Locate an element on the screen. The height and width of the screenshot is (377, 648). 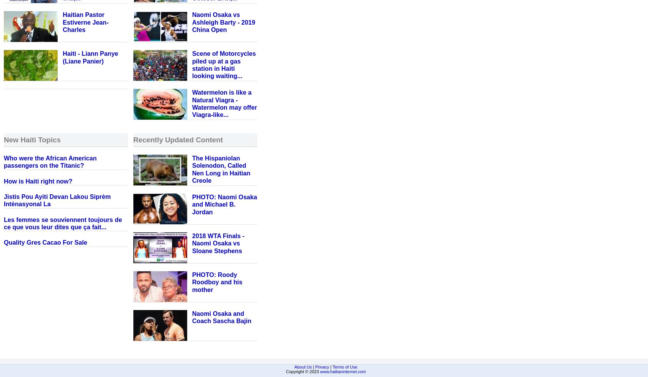
'2018 WTA Finals - Naomi Osaka vs Sloane Stephens' is located at coordinates (192, 243).